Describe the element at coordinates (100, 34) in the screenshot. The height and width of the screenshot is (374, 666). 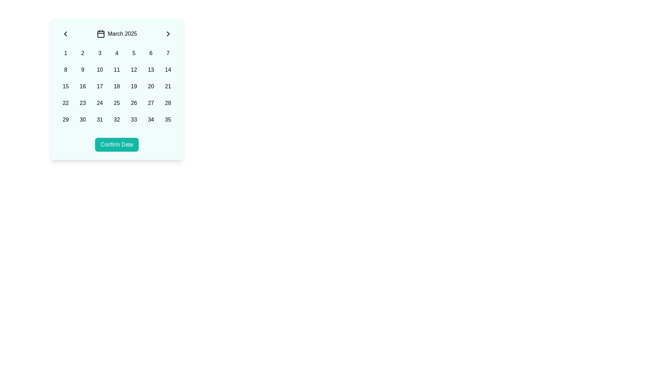
I see `the graphical background element centered within the calendar icon at the top center of the calendar selection widget` at that location.